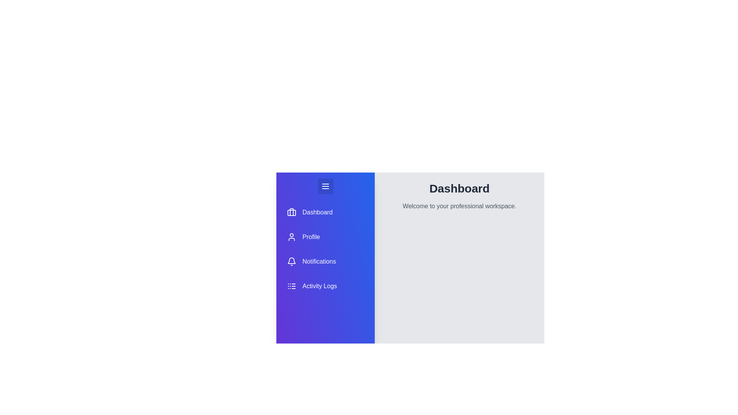  What do you see at coordinates (325, 286) in the screenshot?
I see `the menu item corresponding to Activity Logs to navigate to its respective section` at bounding box center [325, 286].